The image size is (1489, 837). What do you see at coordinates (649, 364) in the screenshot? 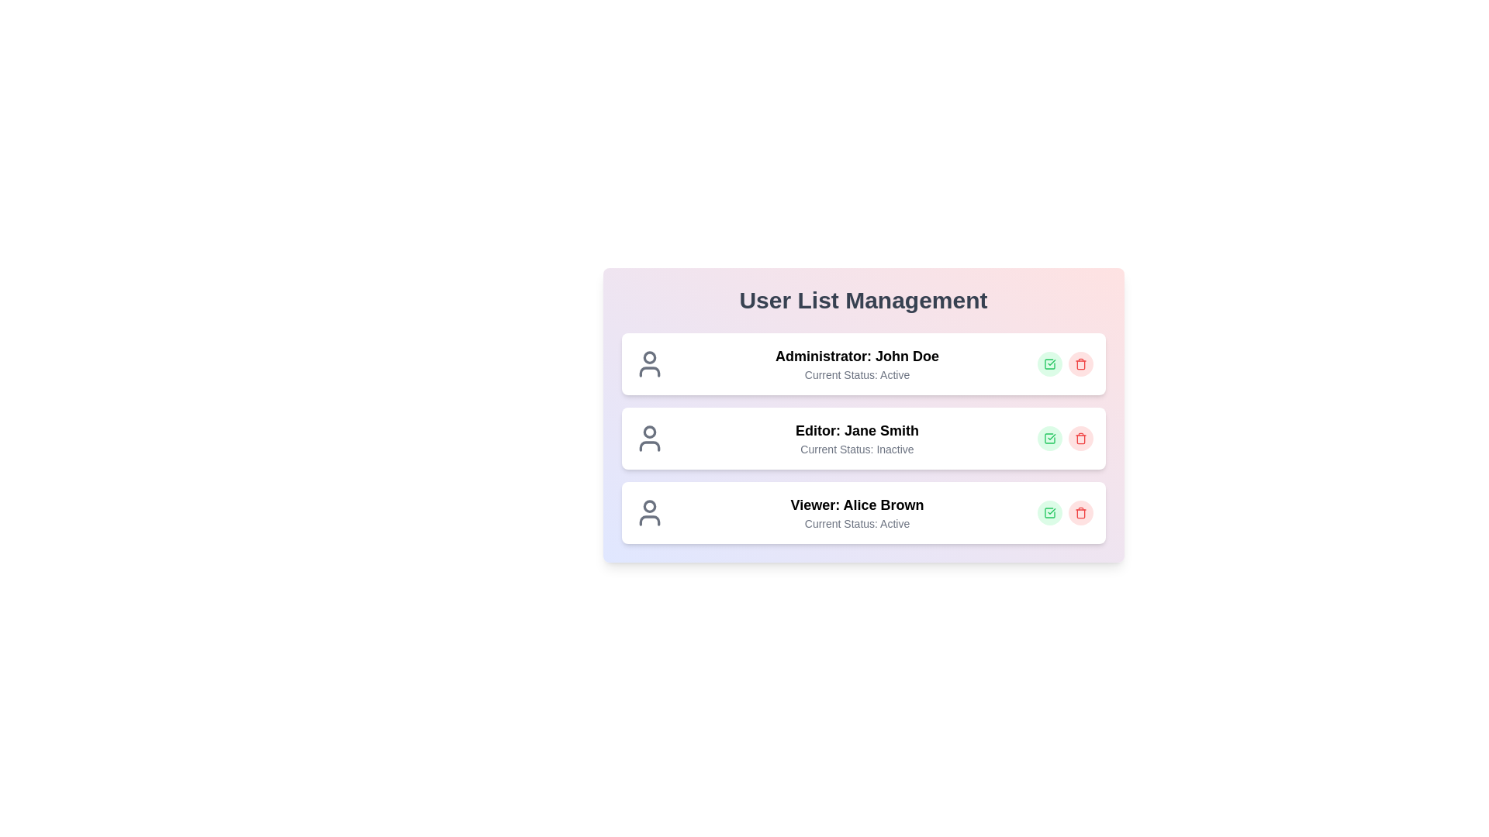
I see `the user silhouette icon, which is a minimalist outline style icon located at the far left side of the first user entry in the user list, aligned with the text 'Administrator: John Doe'` at bounding box center [649, 364].